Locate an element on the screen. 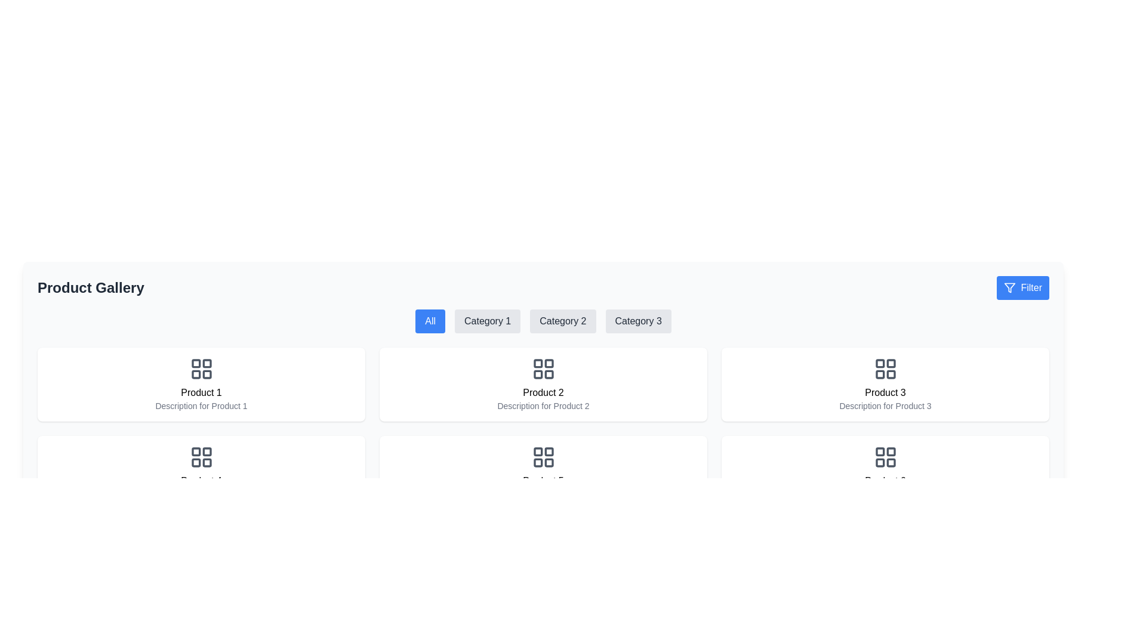 Image resolution: width=1146 pixels, height=644 pixels. the bottom-left square of the grid icon that represents a portion of the grid functionality, which is part of the icon associated with 'Product 2' is located at coordinates (537, 374).